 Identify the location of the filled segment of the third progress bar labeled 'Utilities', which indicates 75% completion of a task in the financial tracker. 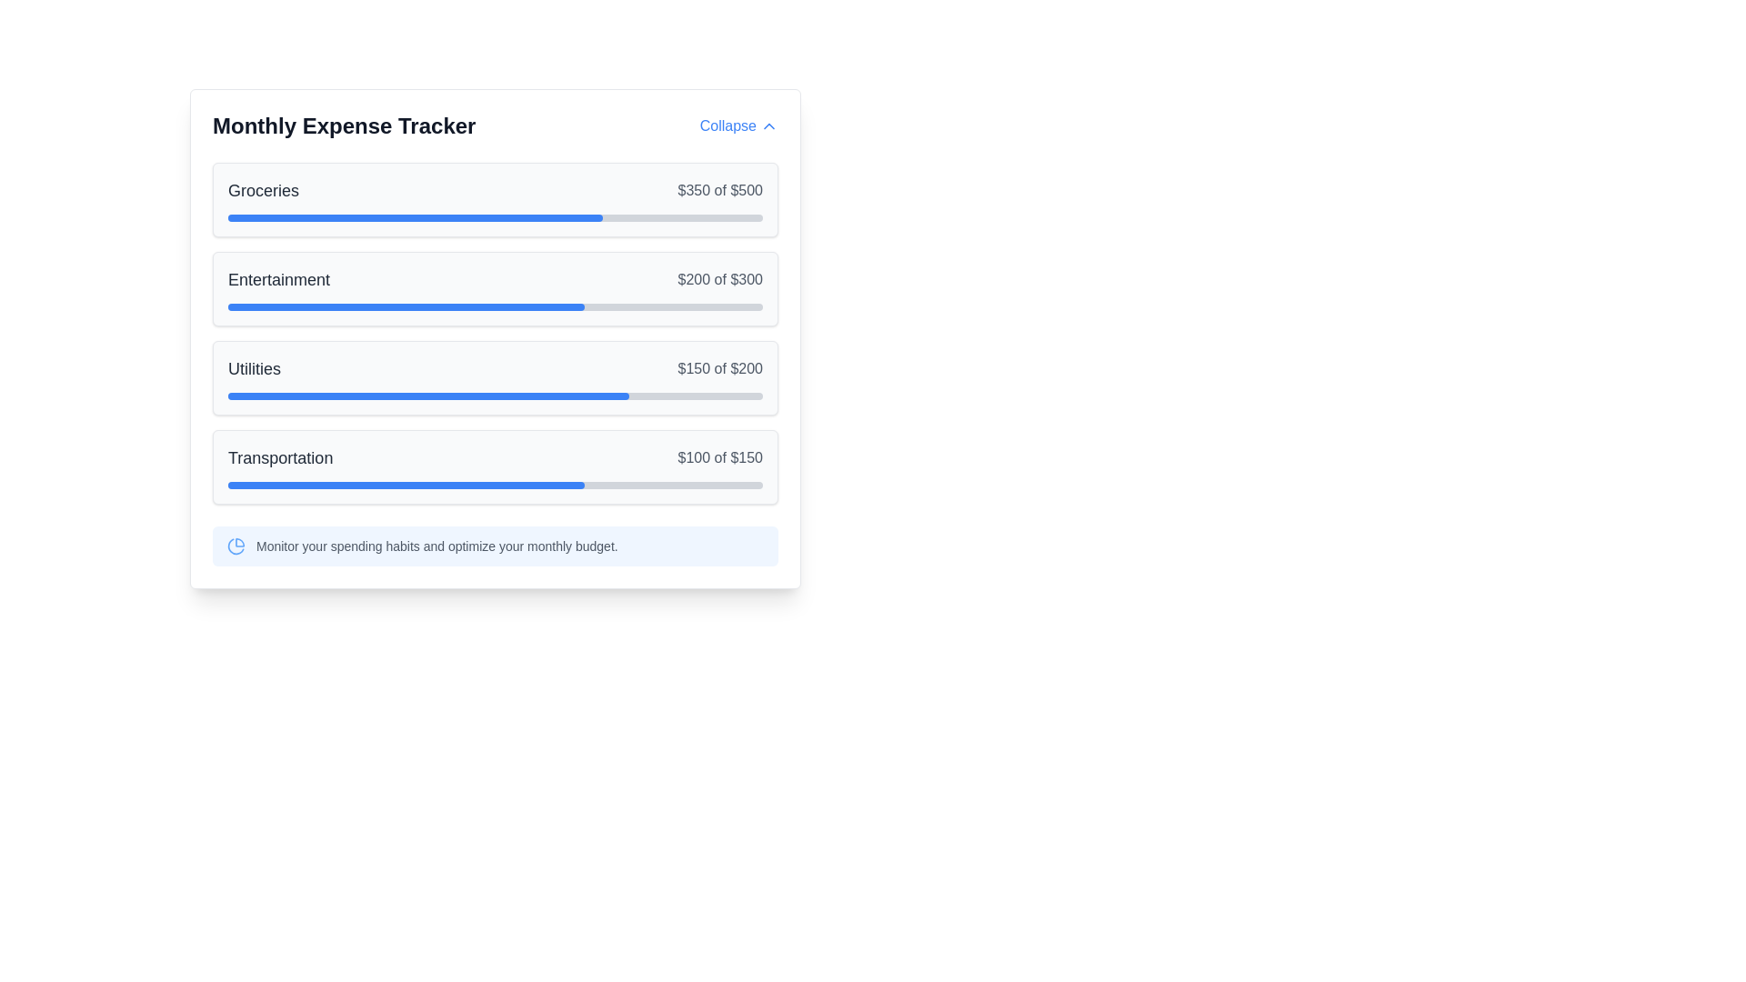
(427, 395).